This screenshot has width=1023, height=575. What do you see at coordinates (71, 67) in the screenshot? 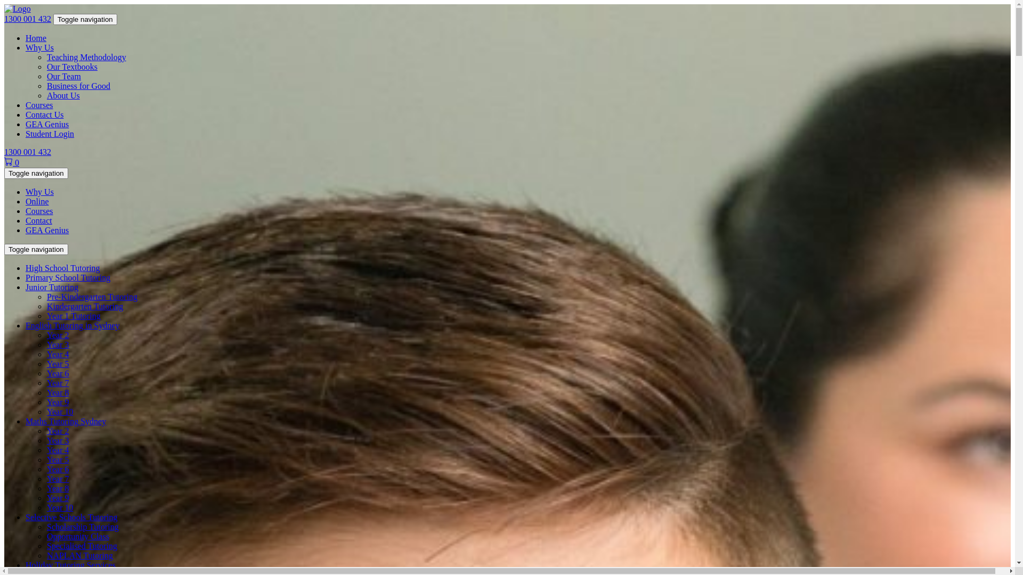
I see `'Our Textbooks'` at bounding box center [71, 67].